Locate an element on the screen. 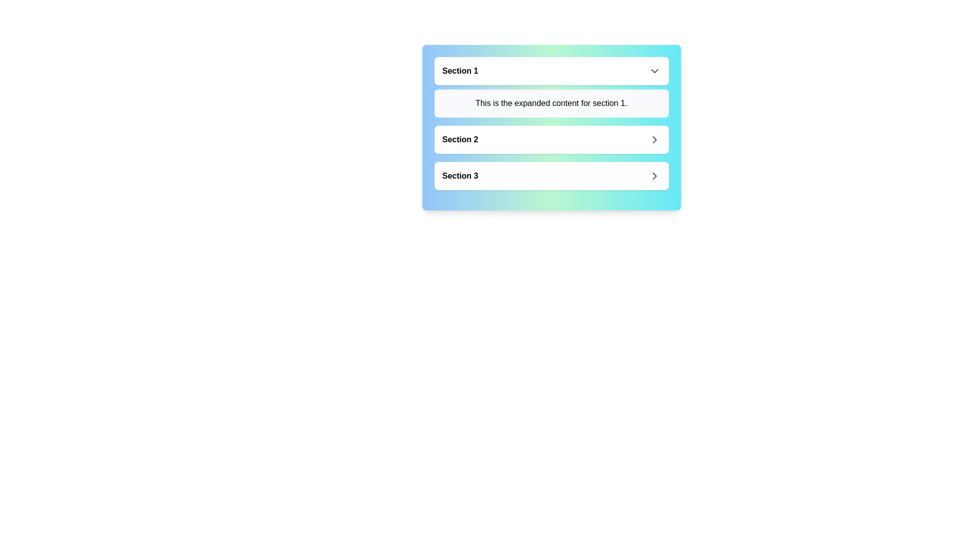 This screenshot has width=970, height=545. the header of the expanded Accordion Section titled 'Section 1' to visually highlight it is located at coordinates (551, 87).